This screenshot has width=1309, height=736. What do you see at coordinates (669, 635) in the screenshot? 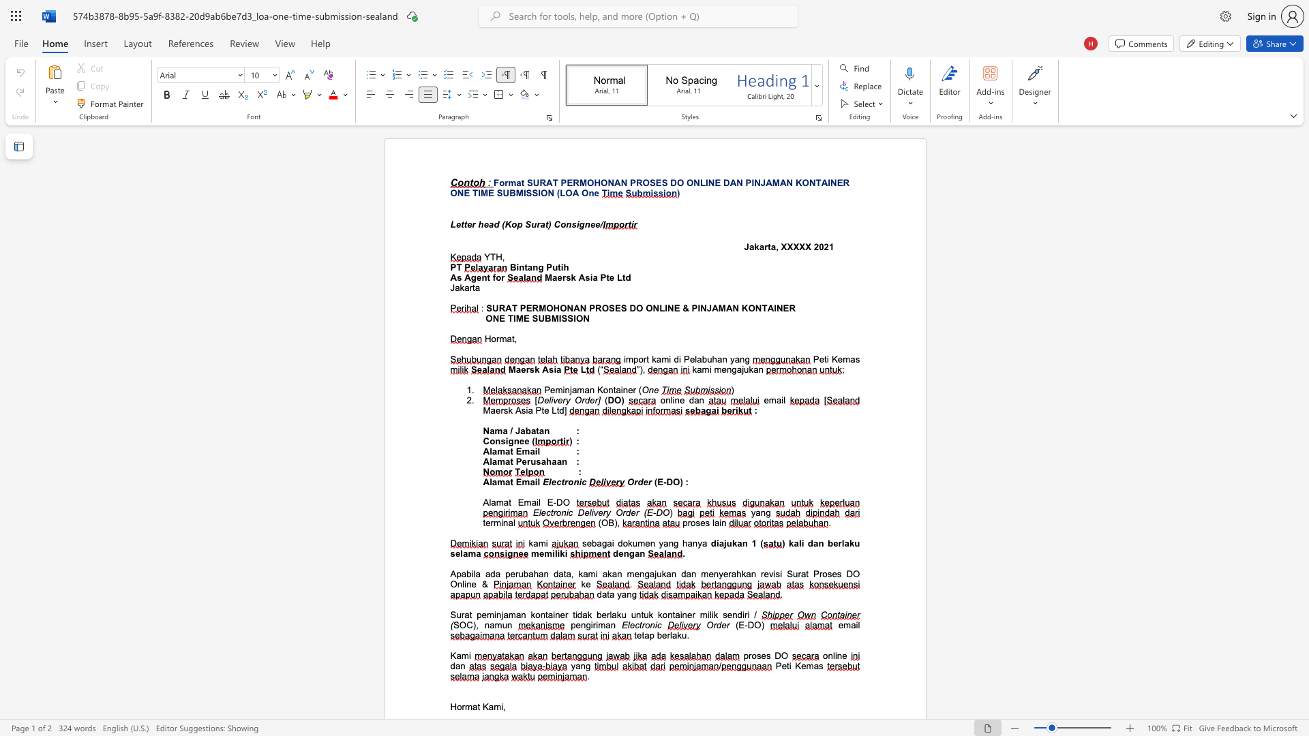
I see `the space between the continuous character "r" and "l" in the text` at bounding box center [669, 635].